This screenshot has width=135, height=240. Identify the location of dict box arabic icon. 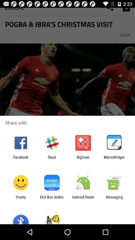
(51, 199).